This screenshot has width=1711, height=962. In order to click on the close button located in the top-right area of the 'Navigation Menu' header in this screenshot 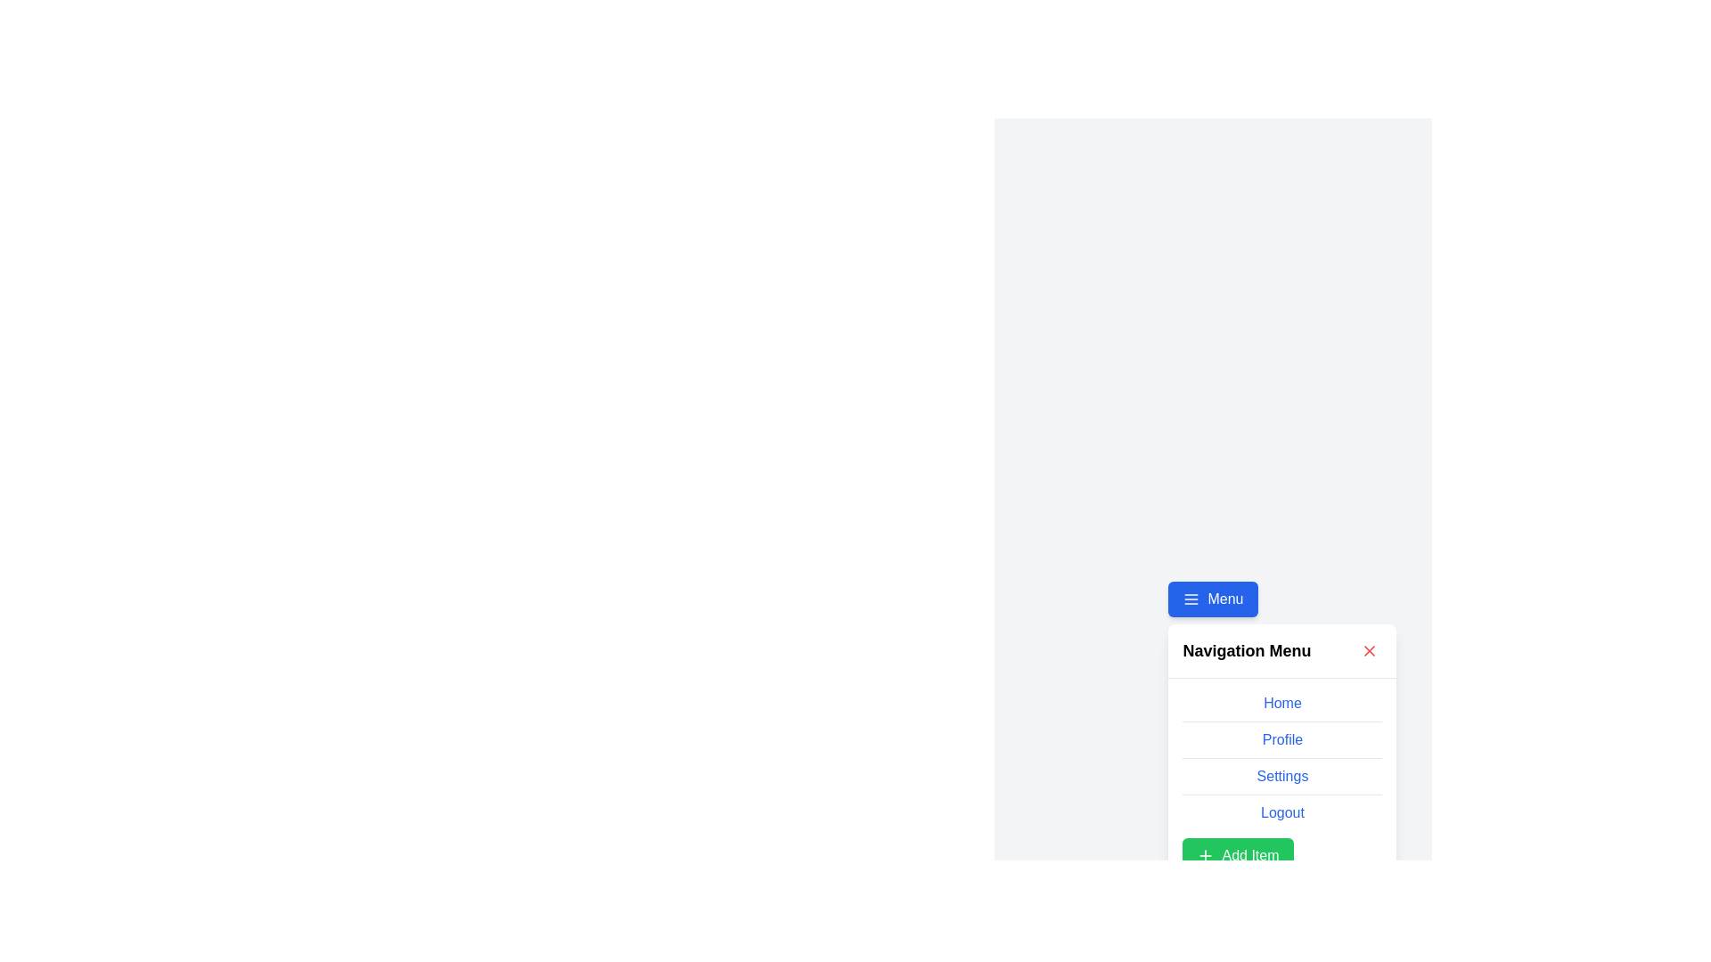, I will do `click(1369, 651)`.